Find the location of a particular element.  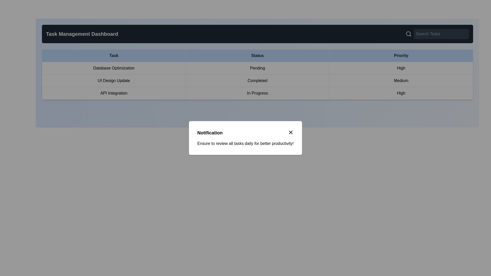

the title Text Label of the dashboard interface, which is located at the top-left of the header bar is located at coordinates (82, 34).